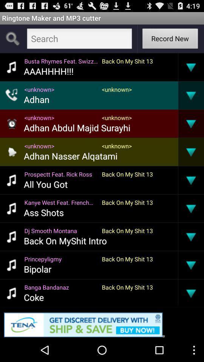 This screenshot has width=204, height=362. I want to click on item to the left of back on my, so click(60, 230).